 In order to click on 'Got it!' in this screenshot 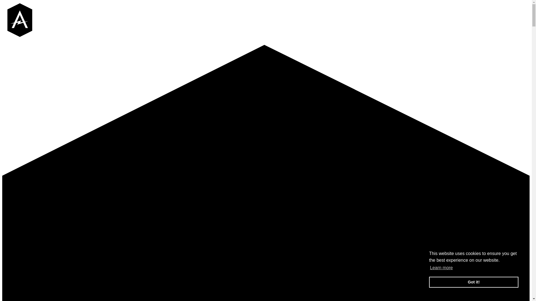, I will do `click(473, 282)`.